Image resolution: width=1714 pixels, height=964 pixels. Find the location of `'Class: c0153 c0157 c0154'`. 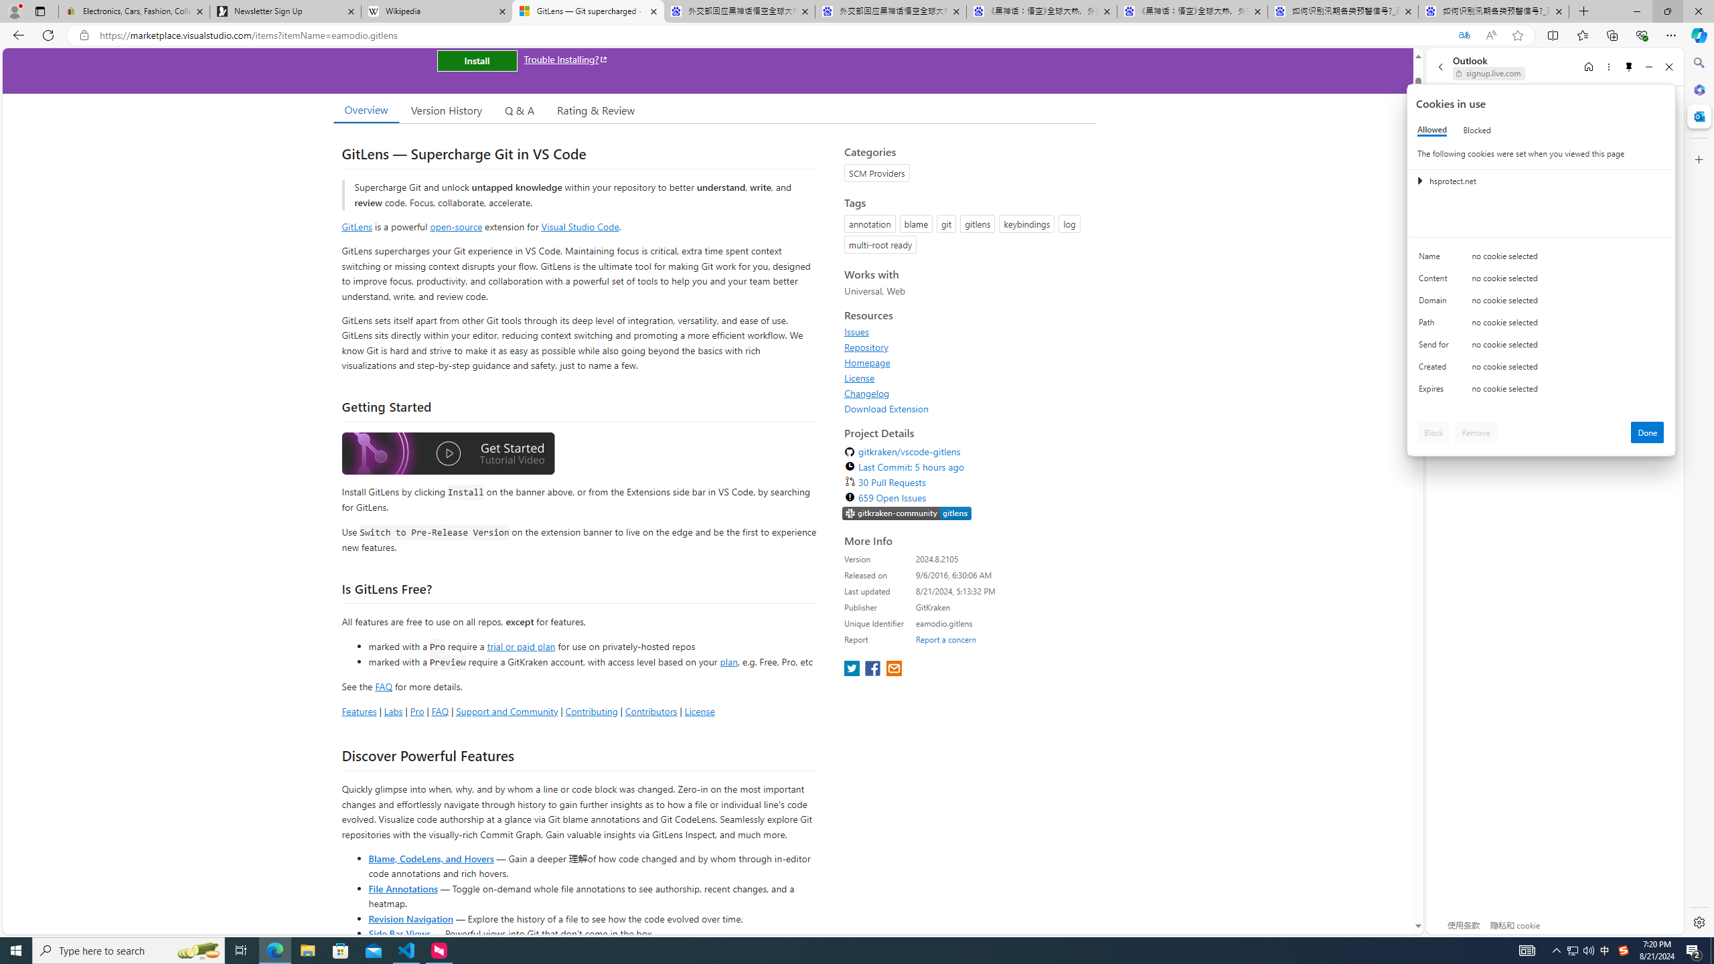

'Class: c0153 c0157 c0154' is located at coordinates (1541, 259).